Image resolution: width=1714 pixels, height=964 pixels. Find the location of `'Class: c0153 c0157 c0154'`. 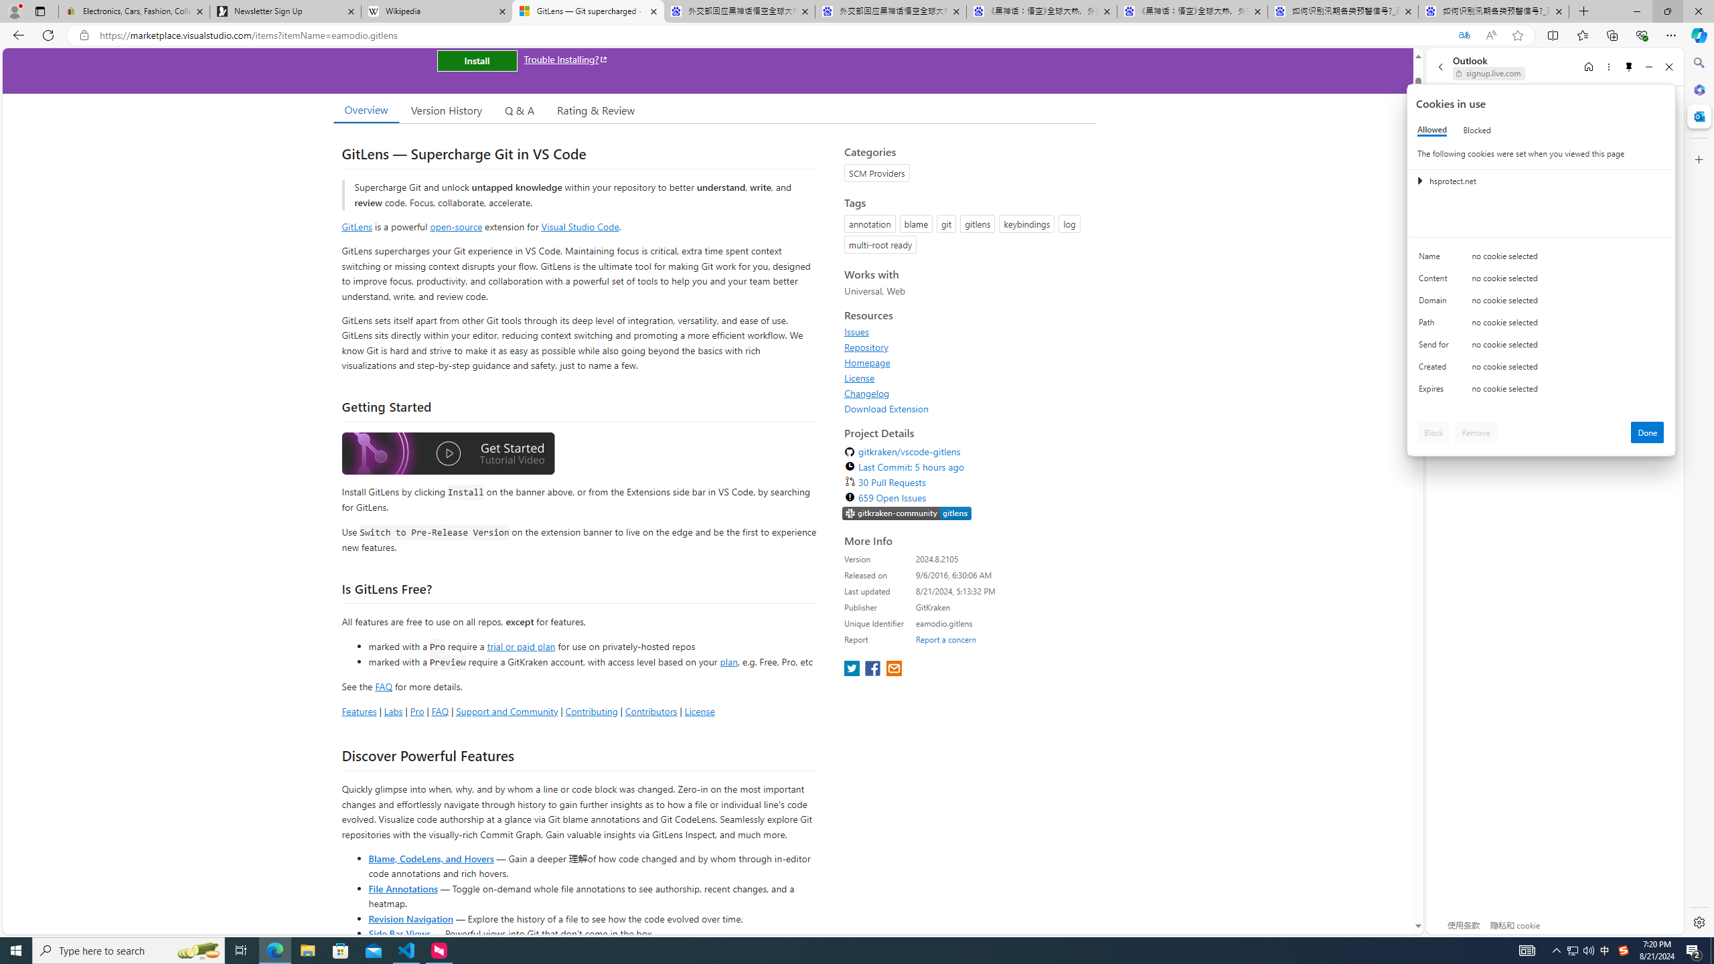

'Class: c0153 c0157 c0154' is located at coordinates (1541, 259).